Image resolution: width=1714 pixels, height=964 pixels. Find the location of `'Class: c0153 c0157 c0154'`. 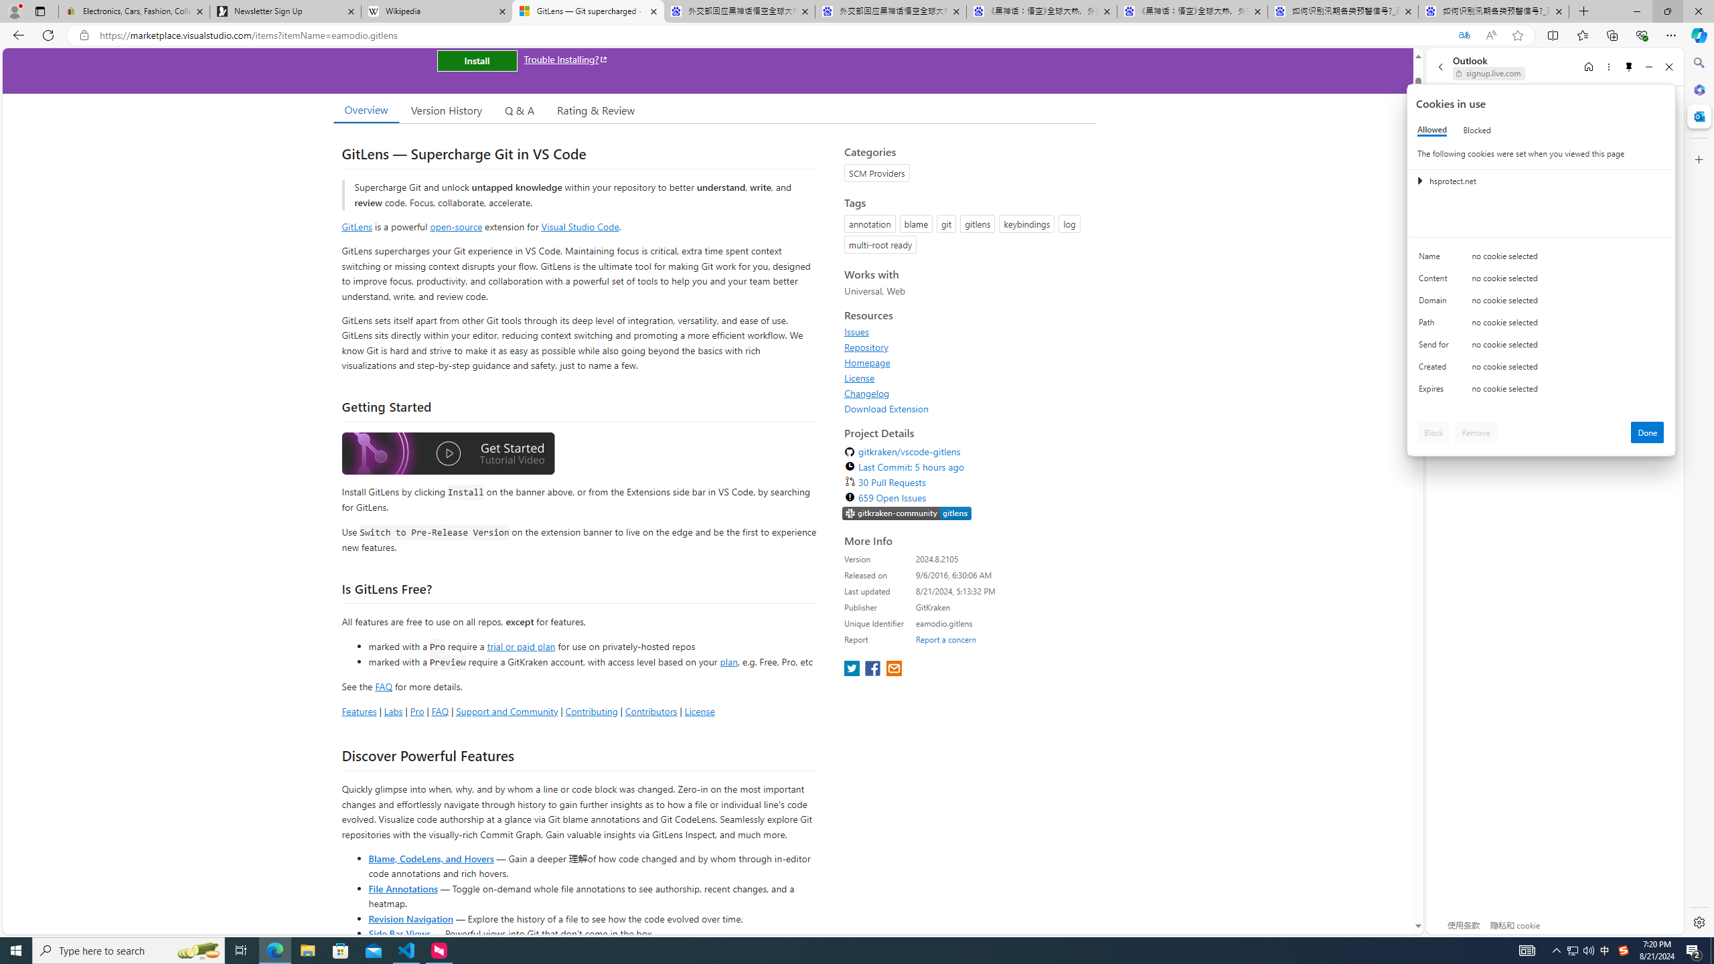

'Class: c0153 c0157 c0154' is located at coordinates (1541, 259).